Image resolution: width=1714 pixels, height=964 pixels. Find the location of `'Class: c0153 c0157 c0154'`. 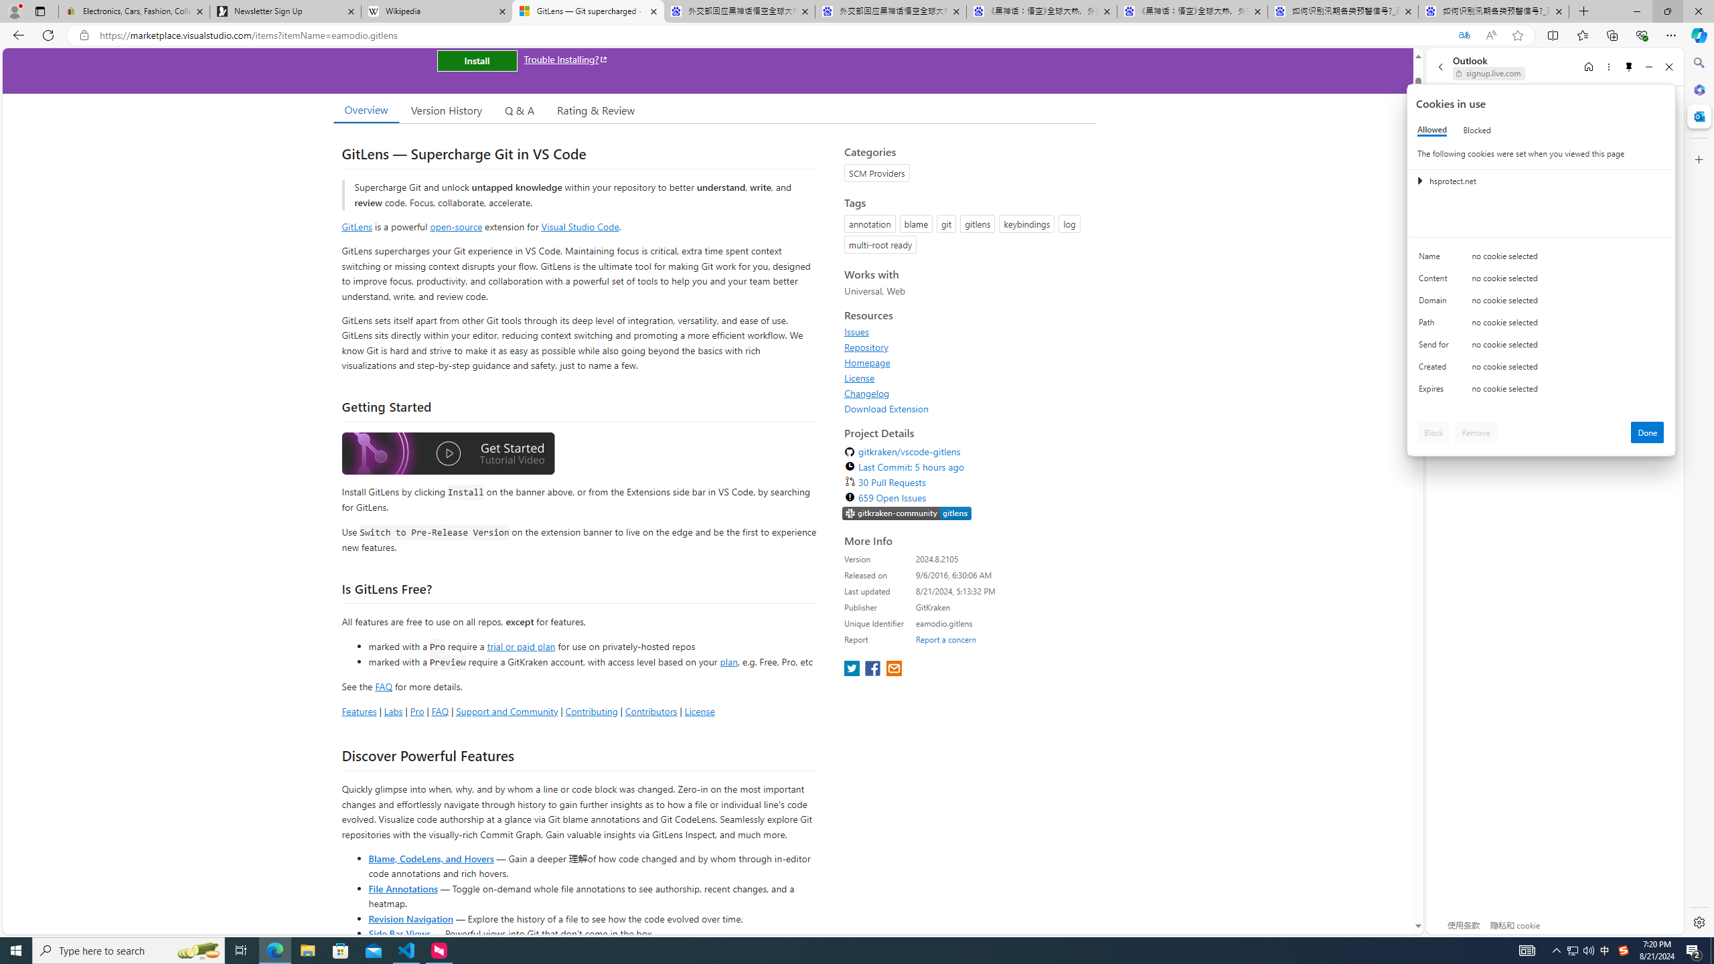

'Class: c0153 c0157 c0154' is located at coordinates (1541, 259).